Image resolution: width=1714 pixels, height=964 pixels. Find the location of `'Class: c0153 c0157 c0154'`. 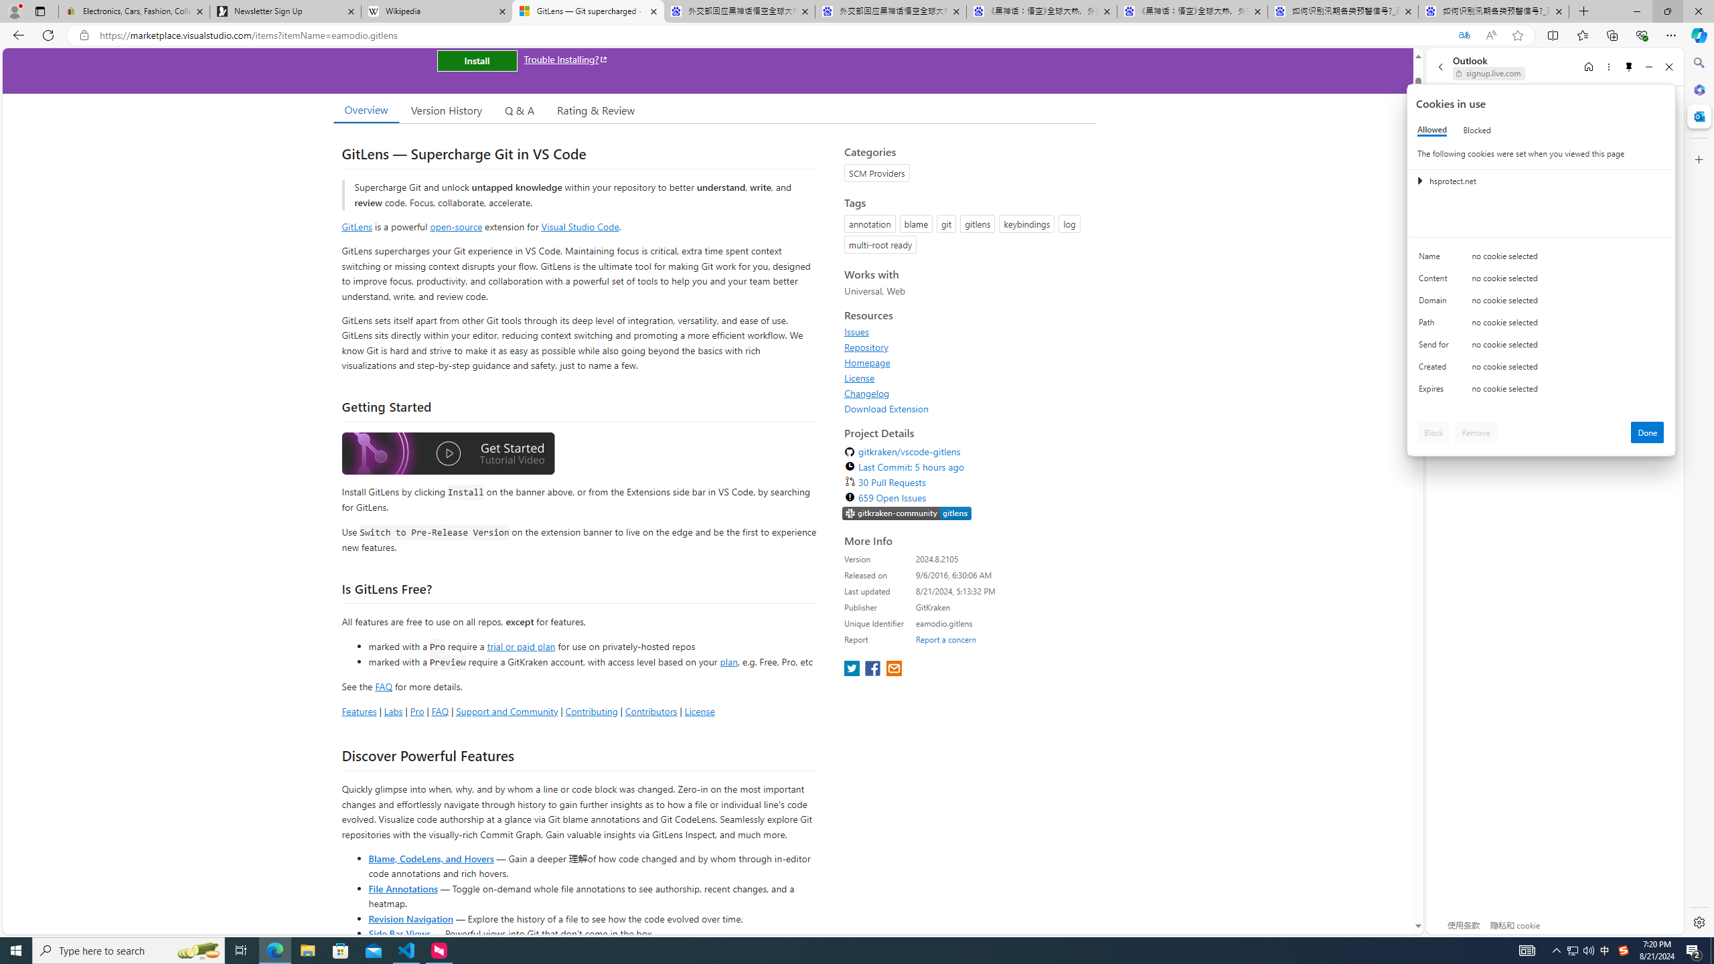

'Class: c0153 c0157 c0154' is located at coordinates (1541, 259).